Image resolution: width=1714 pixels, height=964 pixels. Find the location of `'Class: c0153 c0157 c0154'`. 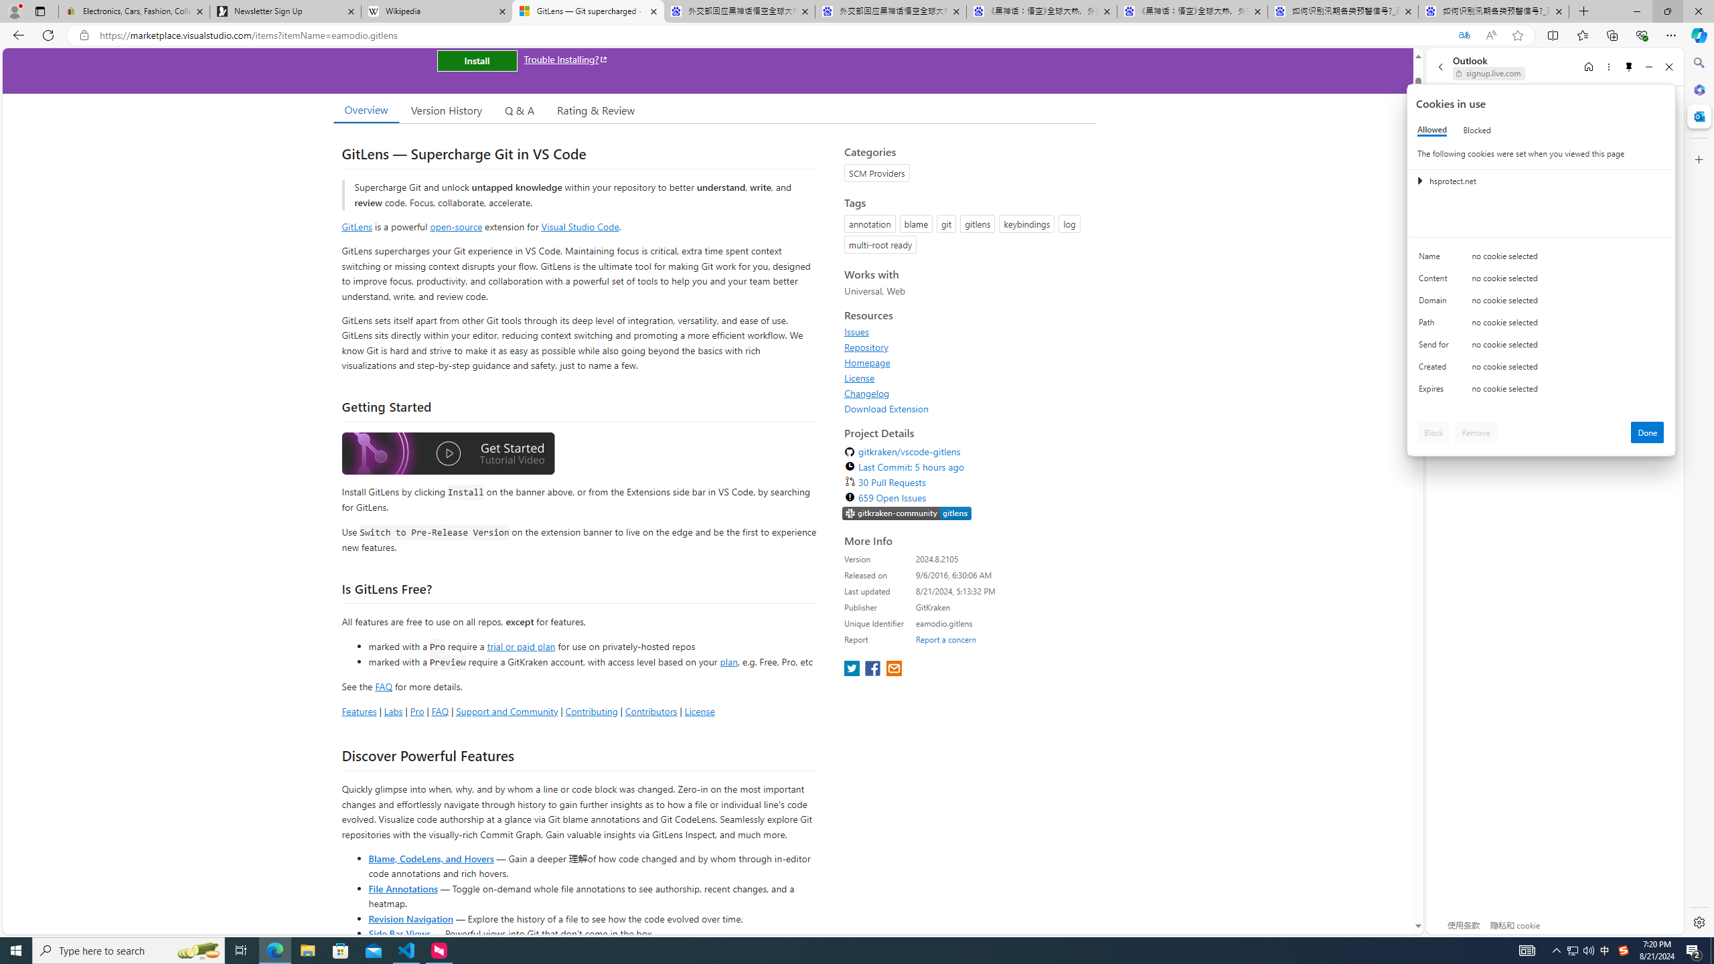

'Class: c0153 c0157 c0154' is located at coordinates (1541, 259).